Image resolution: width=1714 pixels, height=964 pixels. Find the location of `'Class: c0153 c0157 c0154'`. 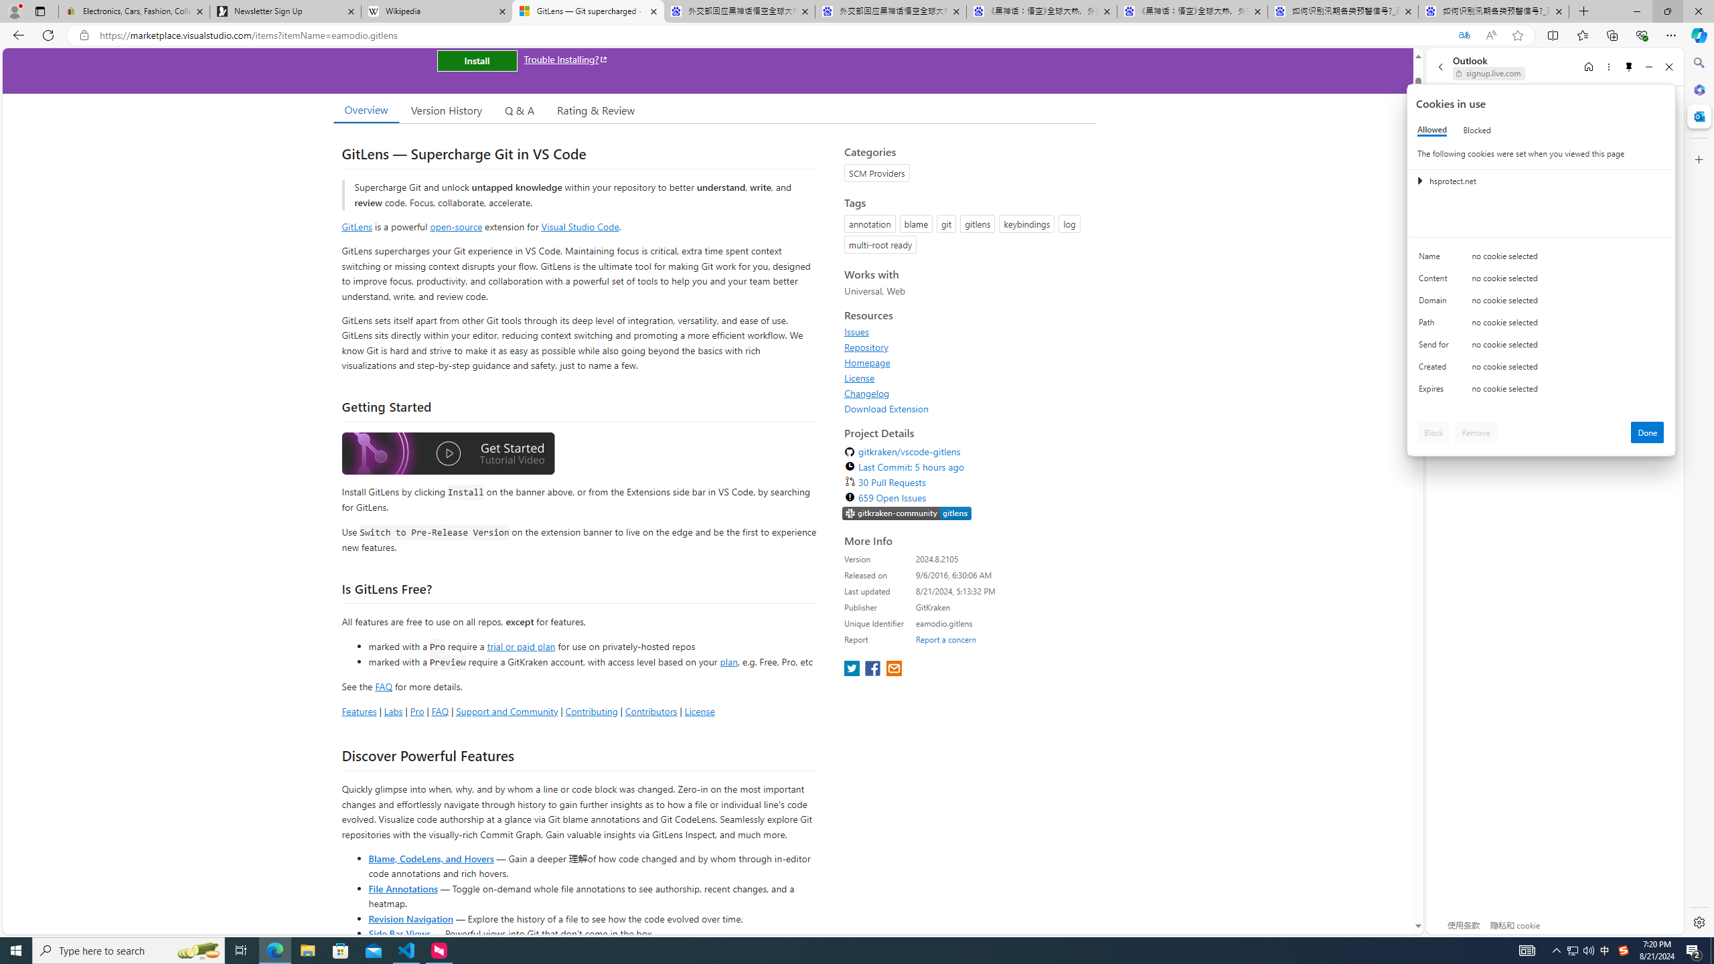

'Class: c0153 c0157 c0154' is located at coordinates (1541, 259).